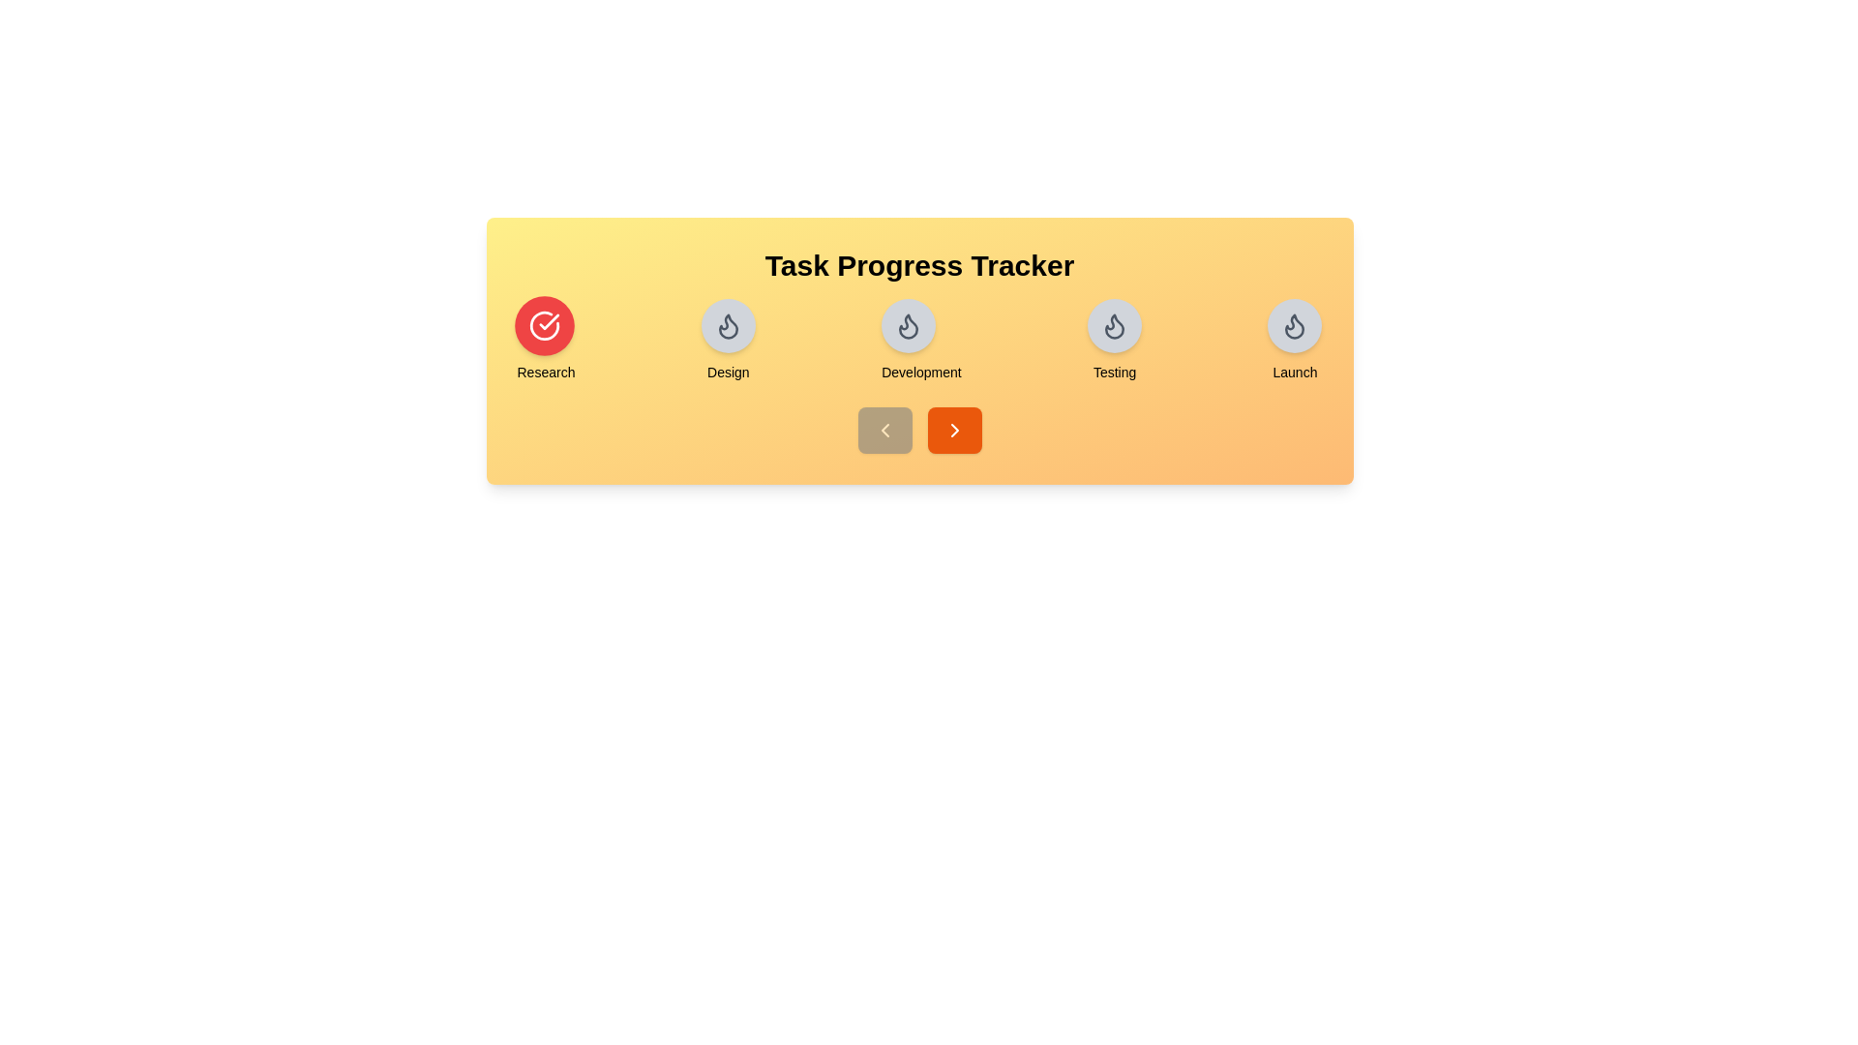 Image resolution: width=1858 pixels, height=1045 pixels. What do you see at coordinates (884, 429) in the screenshot?
I see `the Chevron Icon located in the lower center part of the interface, which is used for navigating to the previous step or page` at bounding box center [884, 429].